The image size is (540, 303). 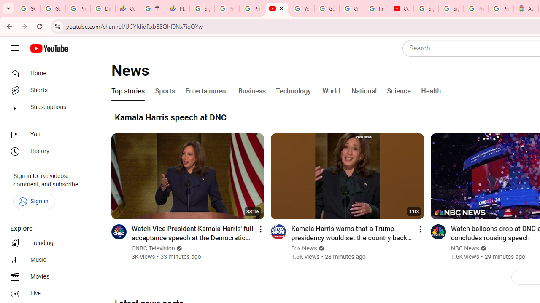 What do you see at coordinates (431, 91) in the screenshot?
I see `'Health'` at bounding box center [431, 91].